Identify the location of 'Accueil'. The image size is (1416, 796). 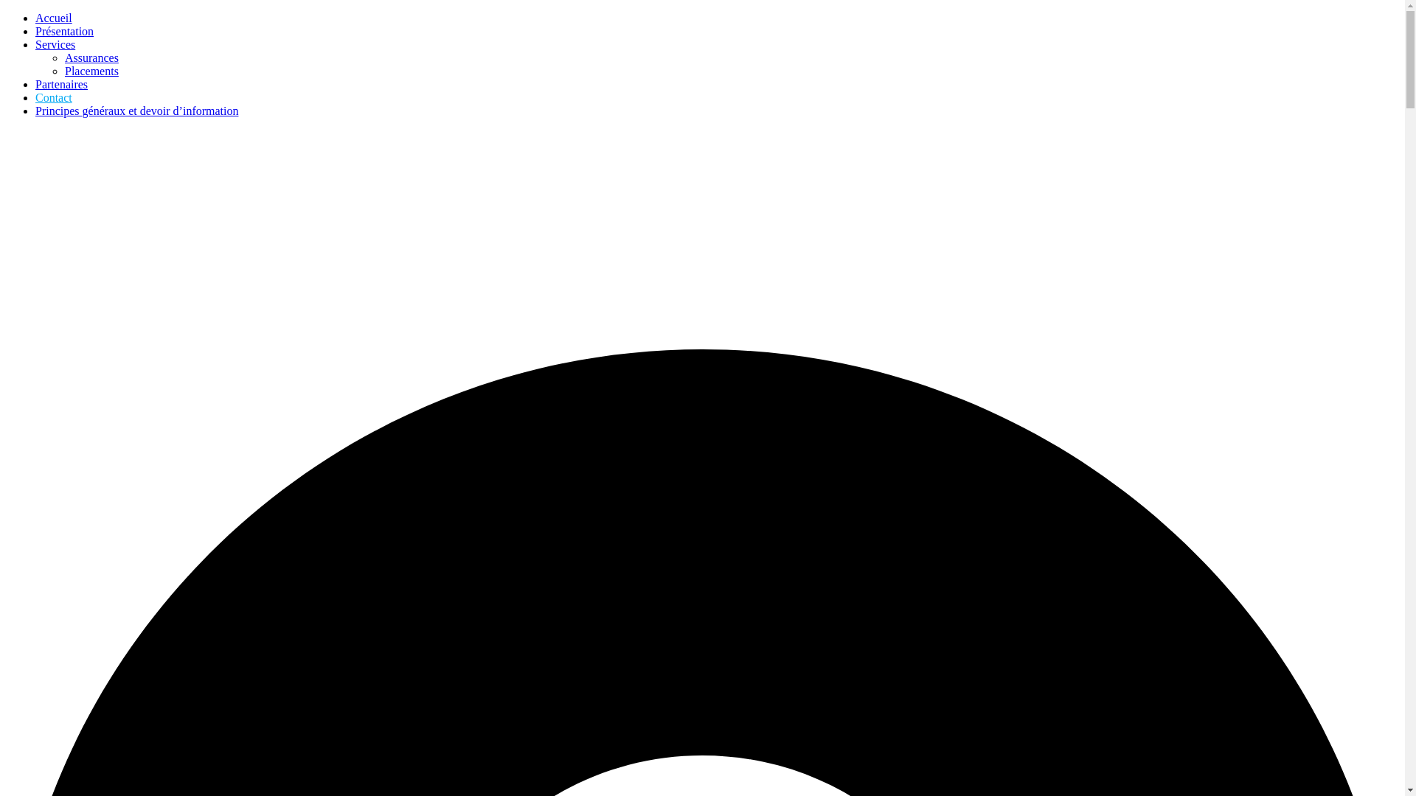
(53, 18).